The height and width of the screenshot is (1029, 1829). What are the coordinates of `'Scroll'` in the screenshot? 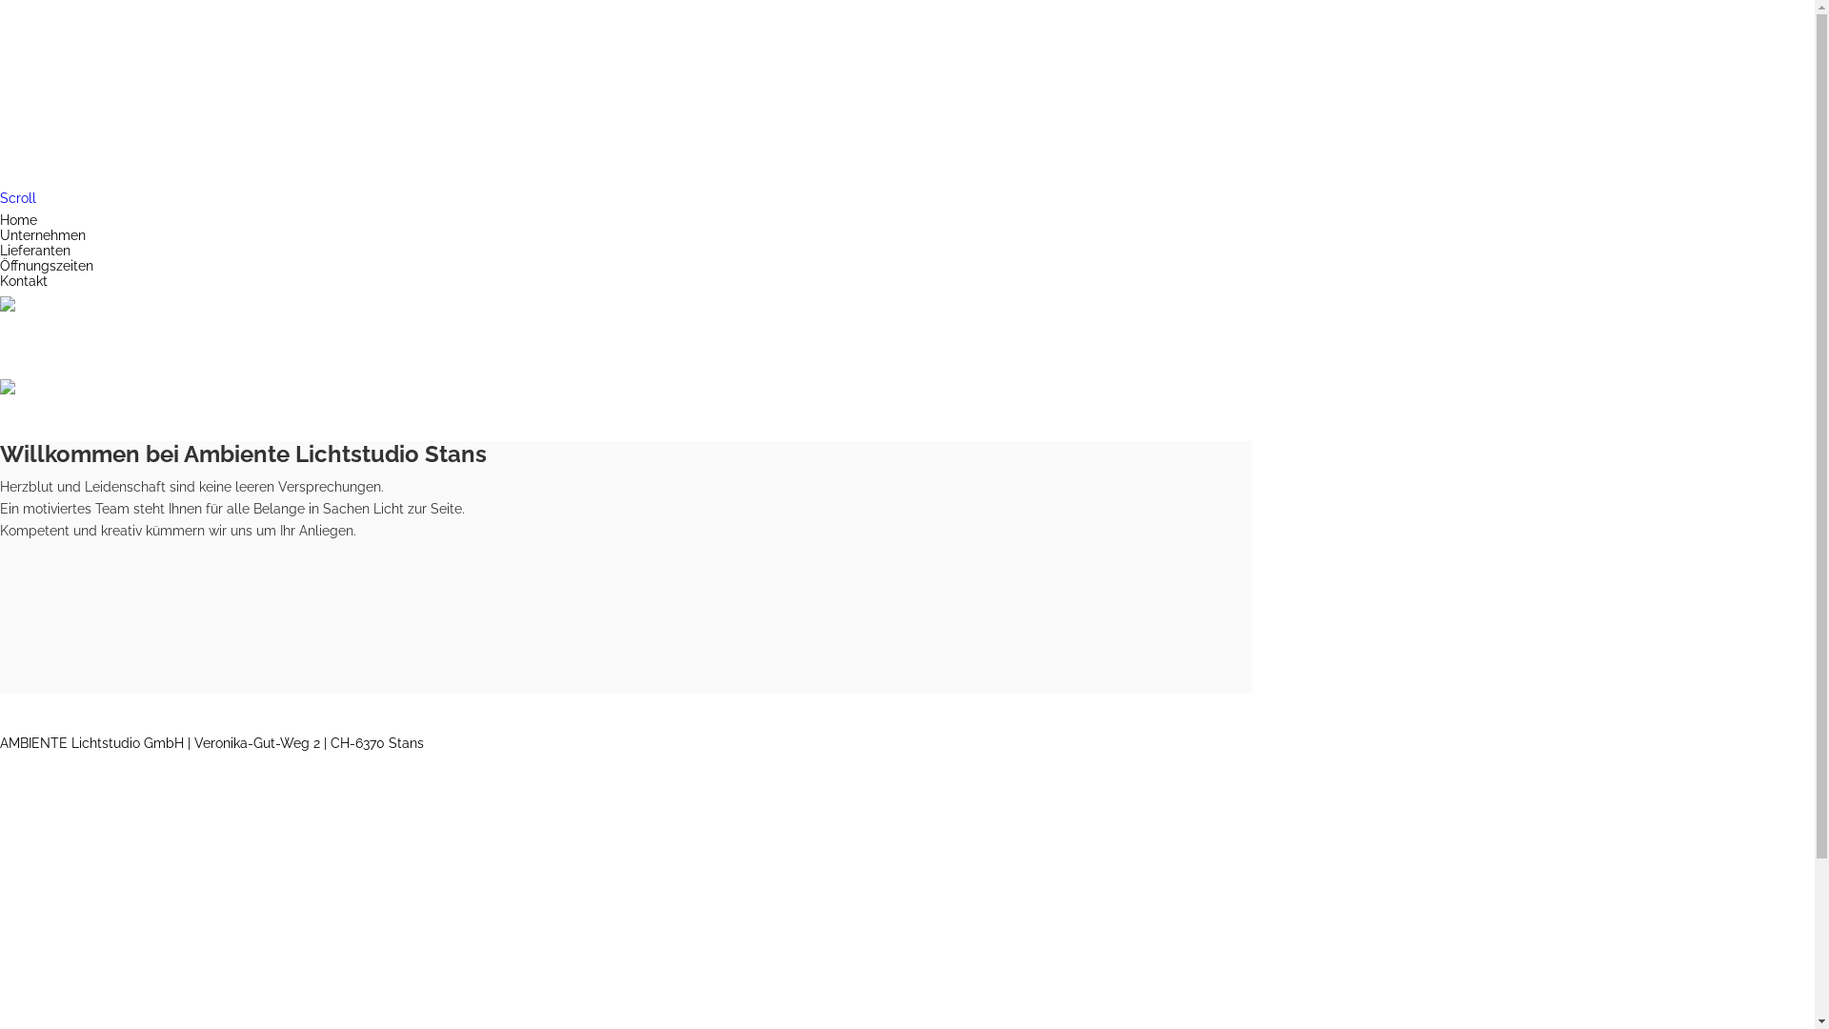 It's located at (0, 198).